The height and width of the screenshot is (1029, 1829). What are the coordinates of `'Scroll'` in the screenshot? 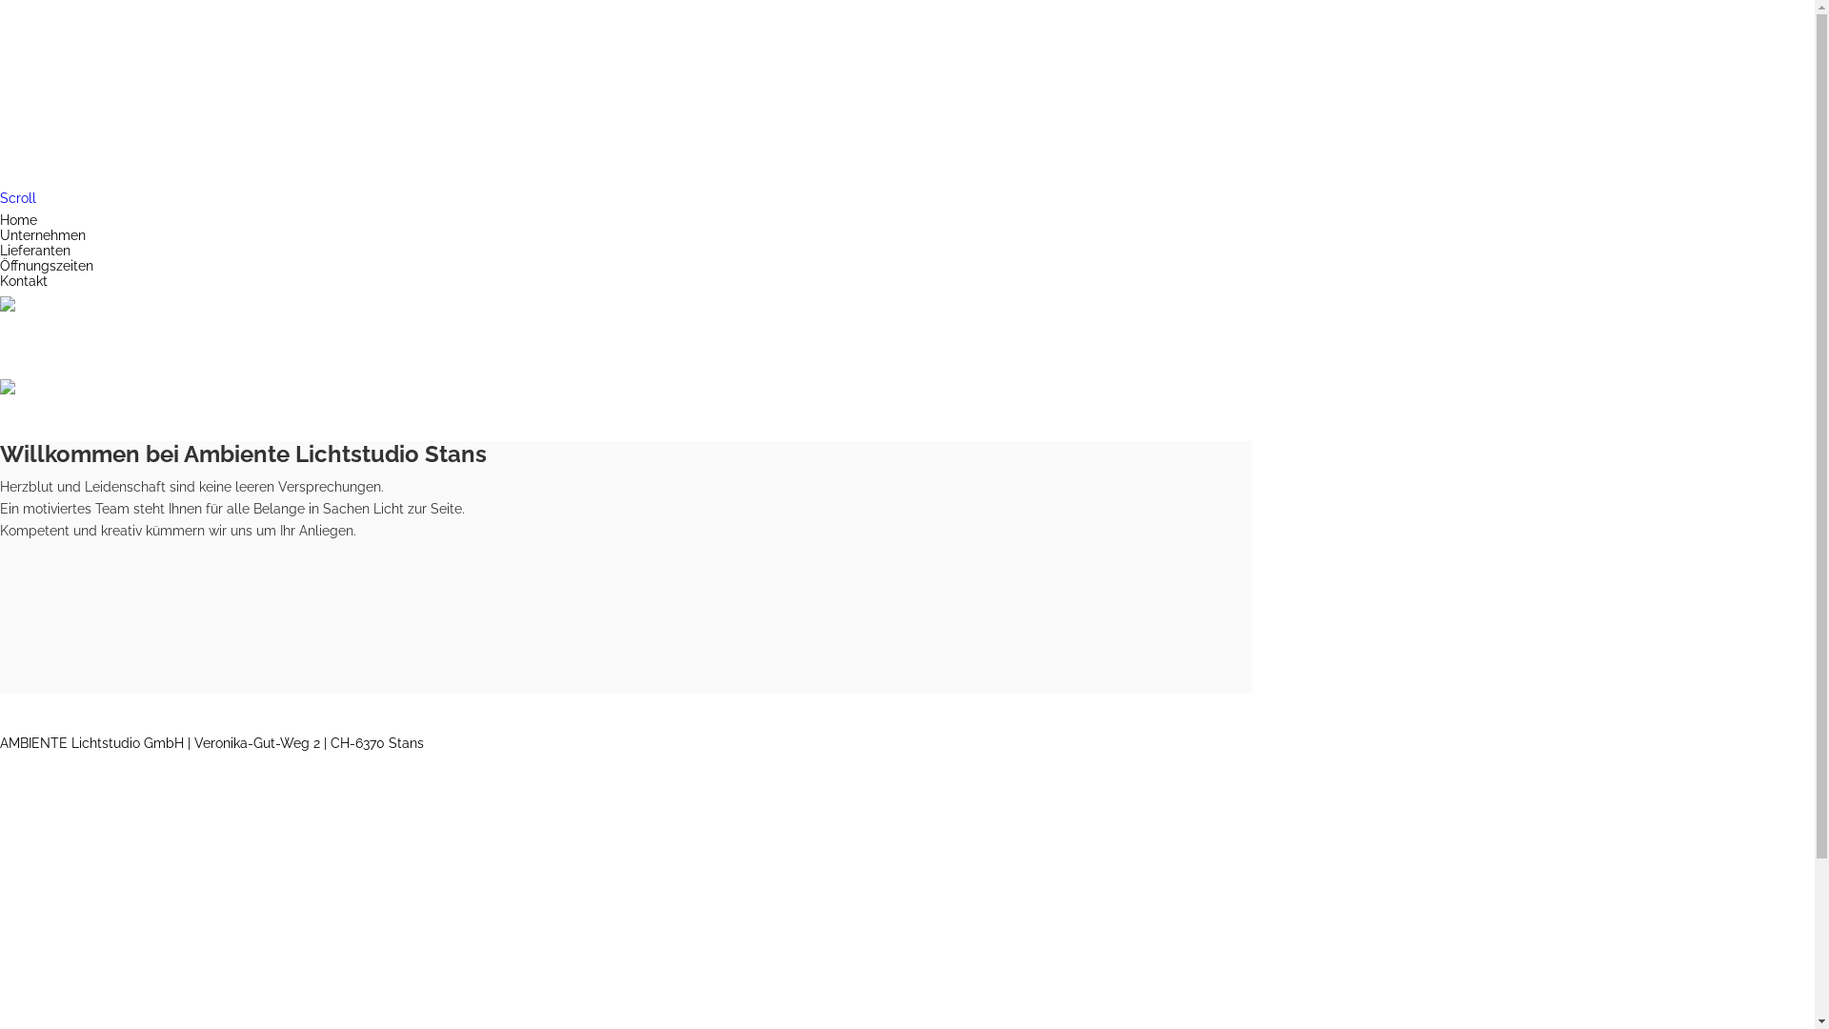 It's located at (0, 198).